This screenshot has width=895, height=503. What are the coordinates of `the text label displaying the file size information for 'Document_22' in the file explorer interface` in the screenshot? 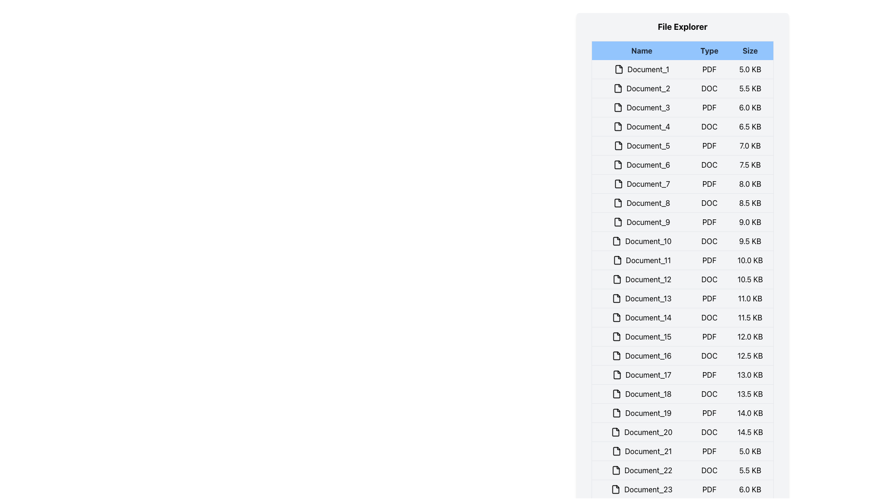 It's located at (750, 470).